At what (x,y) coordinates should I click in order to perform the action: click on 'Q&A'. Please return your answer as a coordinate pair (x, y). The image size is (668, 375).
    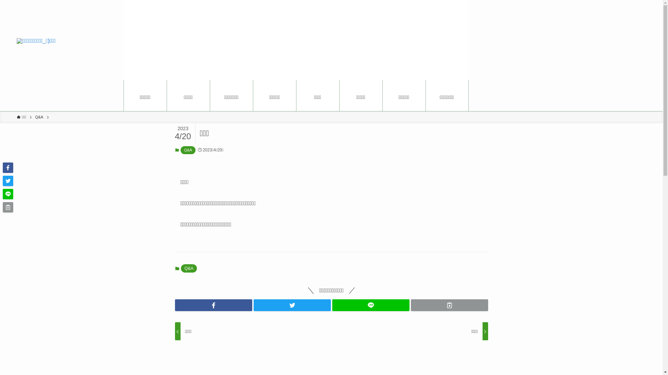
    Looking at the image, I should click on (189, 268).